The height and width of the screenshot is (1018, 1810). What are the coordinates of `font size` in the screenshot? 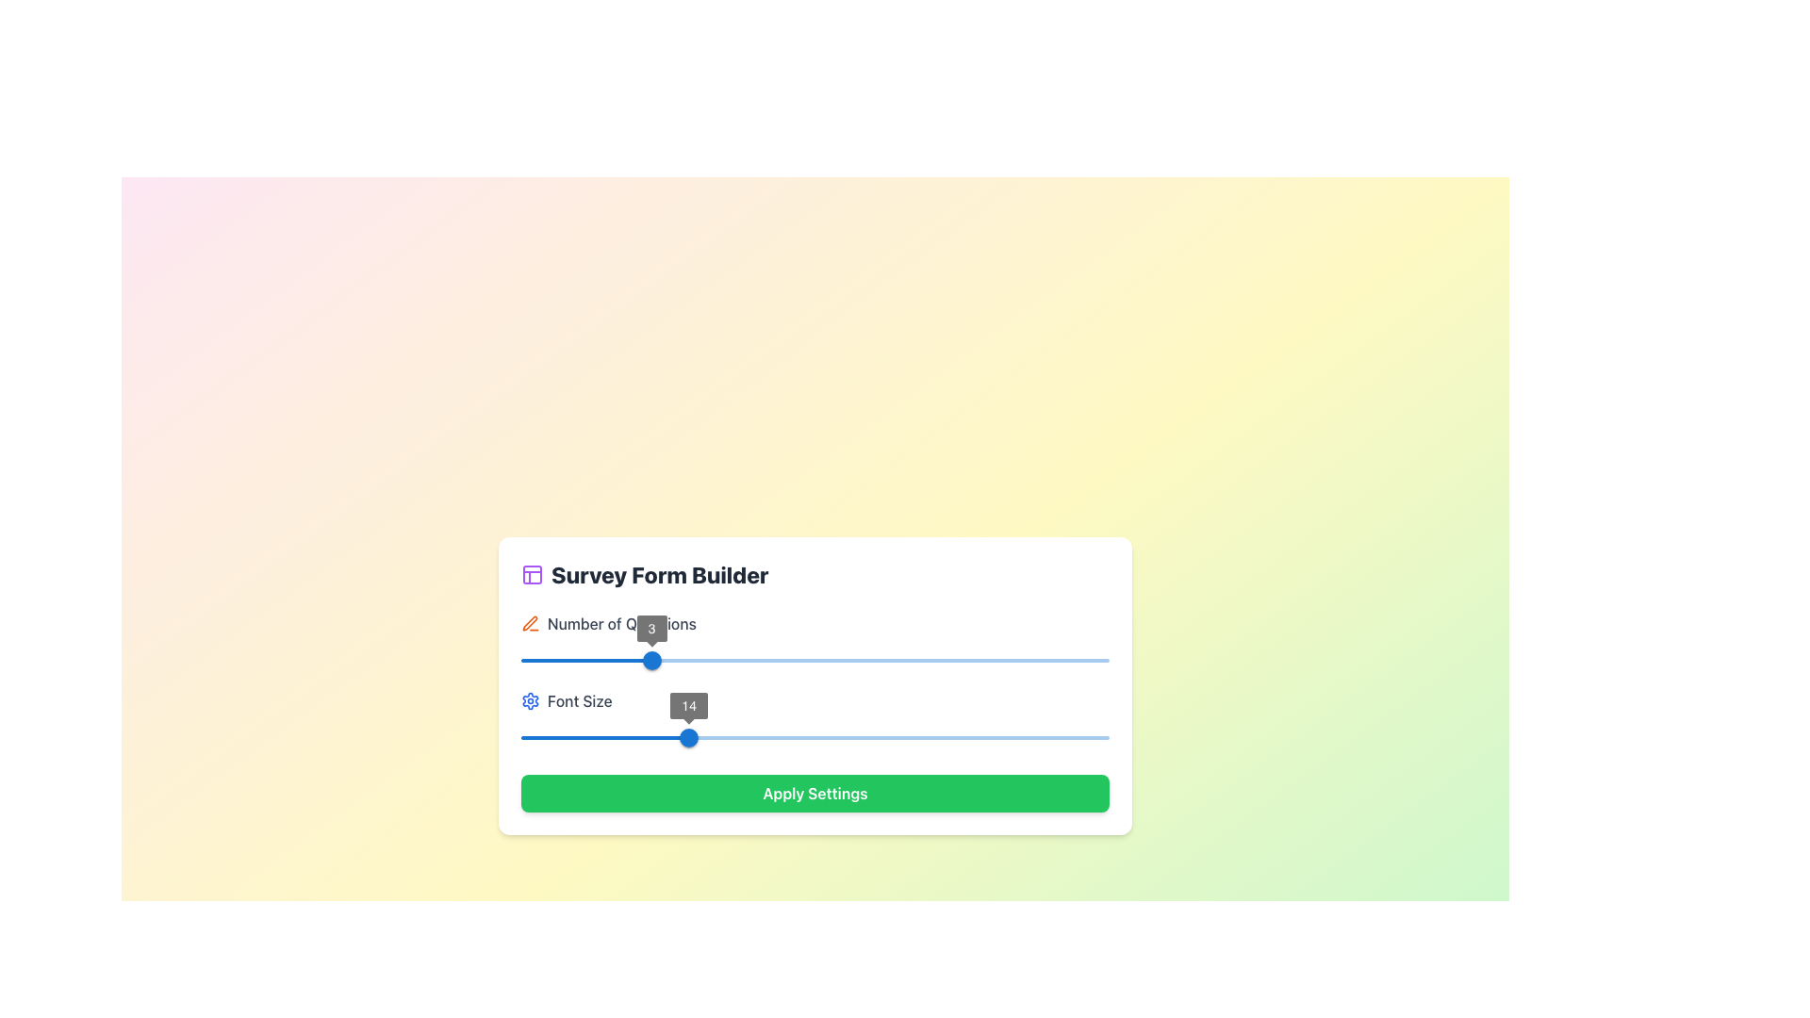 It's located at (915, 737).